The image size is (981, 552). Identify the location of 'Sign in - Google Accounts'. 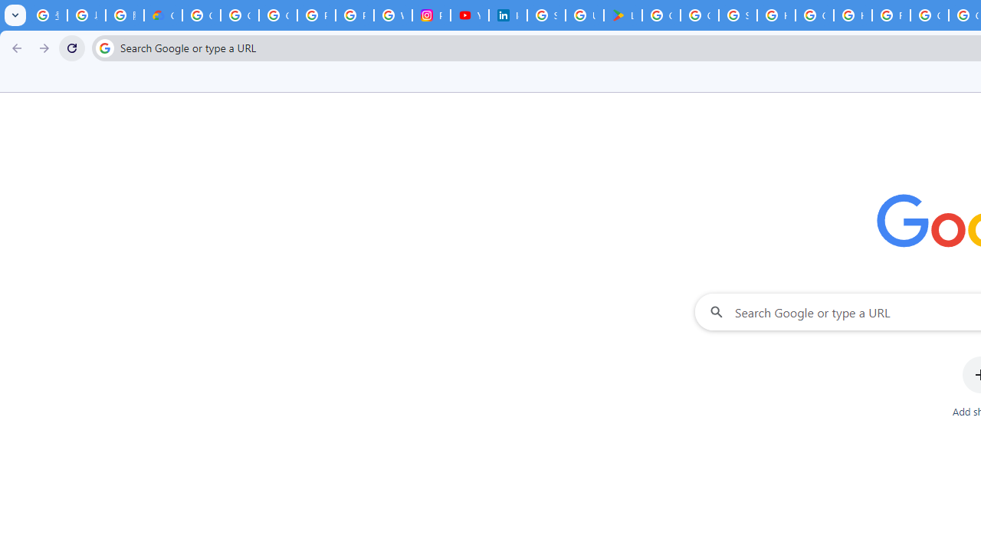
(546, 15).